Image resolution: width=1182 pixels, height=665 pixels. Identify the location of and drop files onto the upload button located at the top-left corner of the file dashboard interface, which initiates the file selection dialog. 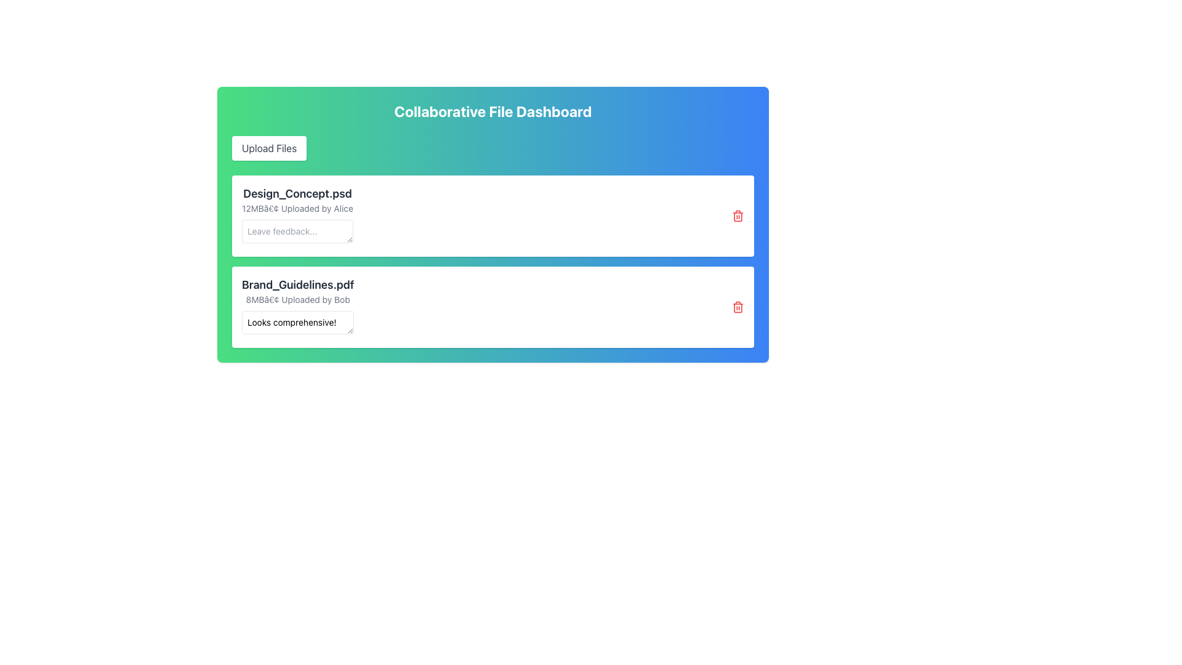
(268, 147).